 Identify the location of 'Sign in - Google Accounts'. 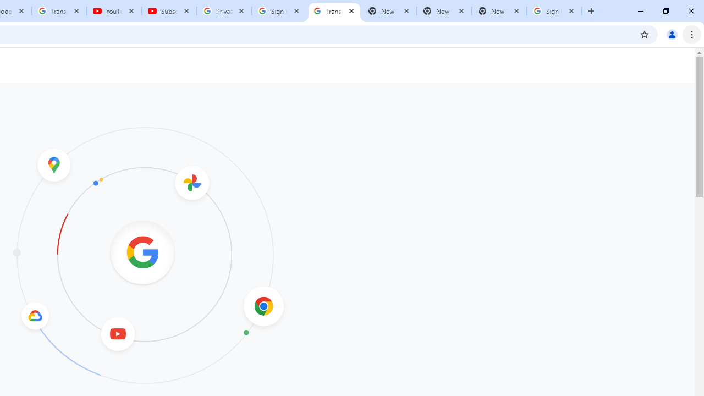
(554, 11).